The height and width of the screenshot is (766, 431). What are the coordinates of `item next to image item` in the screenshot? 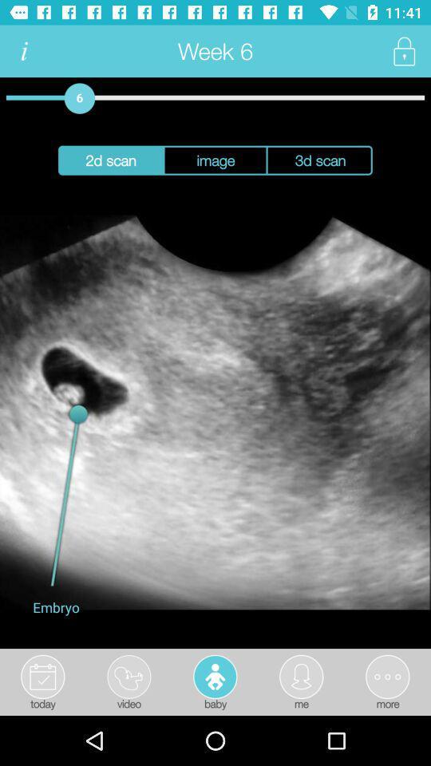 It's located at (109, 160).